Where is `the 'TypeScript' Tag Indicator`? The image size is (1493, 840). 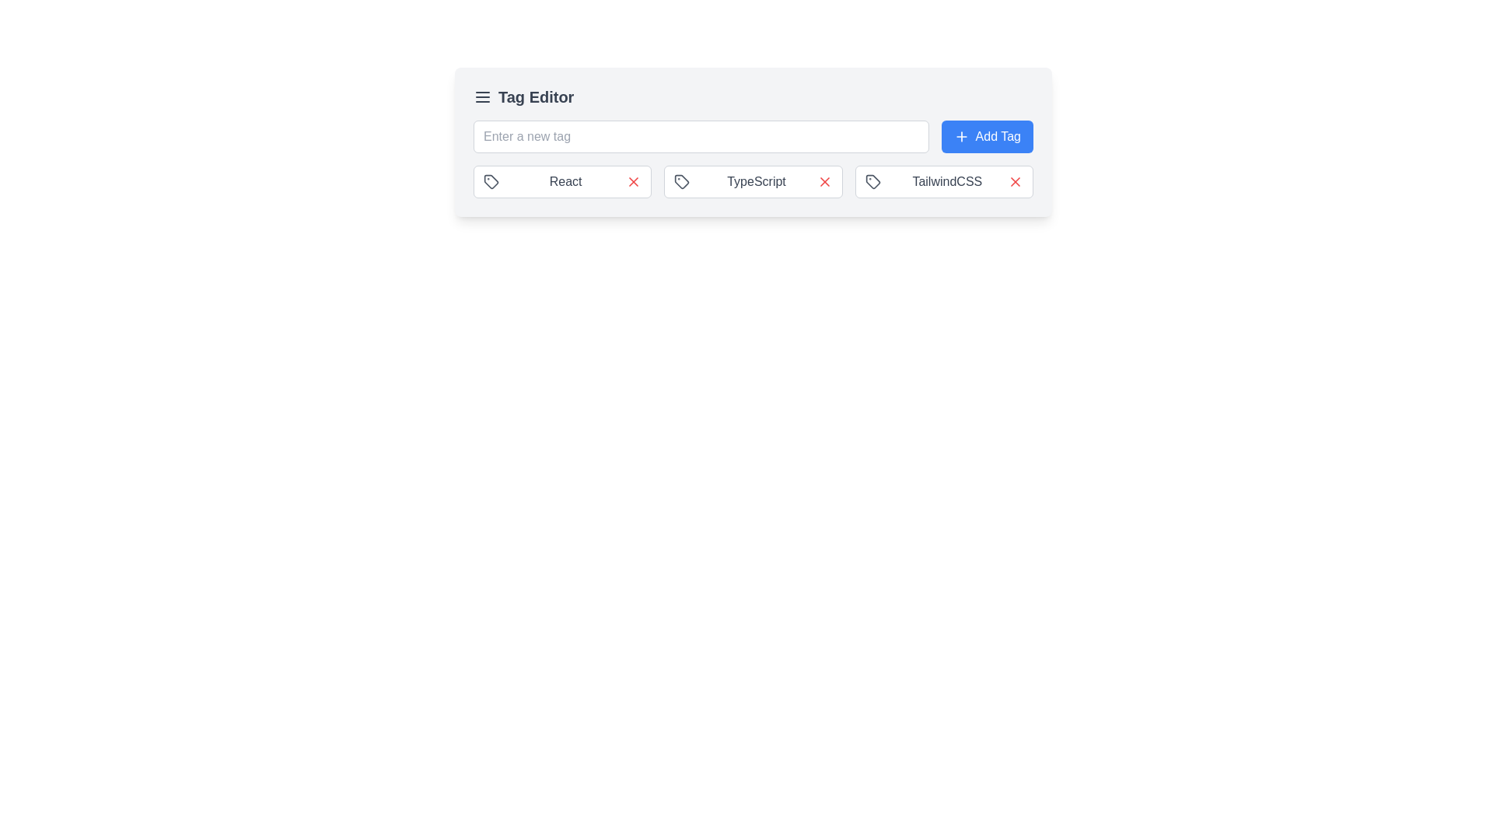 the 'TypeScript' Tag Indicator is located at coordinates (753, 181).